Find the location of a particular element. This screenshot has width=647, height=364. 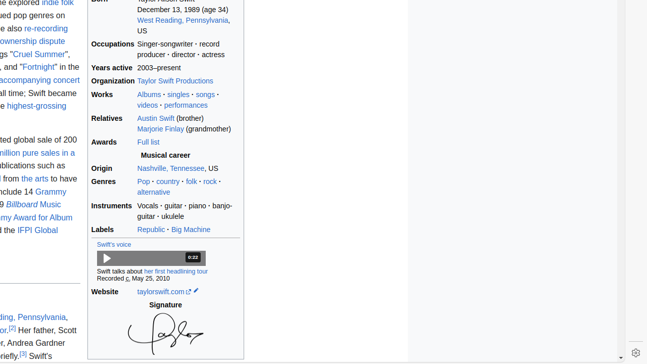

'Big Machine' is located at coordinates (191, 229).